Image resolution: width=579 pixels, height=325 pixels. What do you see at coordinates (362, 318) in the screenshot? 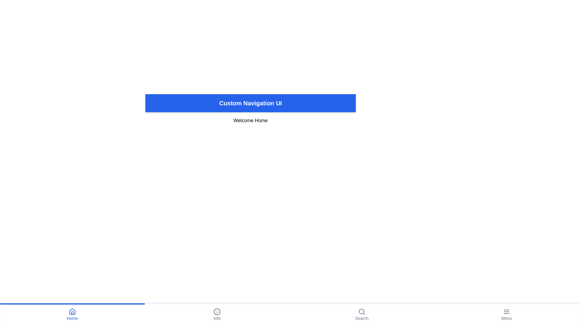
I see `the 'Search' Text Label located at the bottom-right corner of the navigation bar, which serves as a descriptive title for the search icon above it` at bounding box center [362, 318].